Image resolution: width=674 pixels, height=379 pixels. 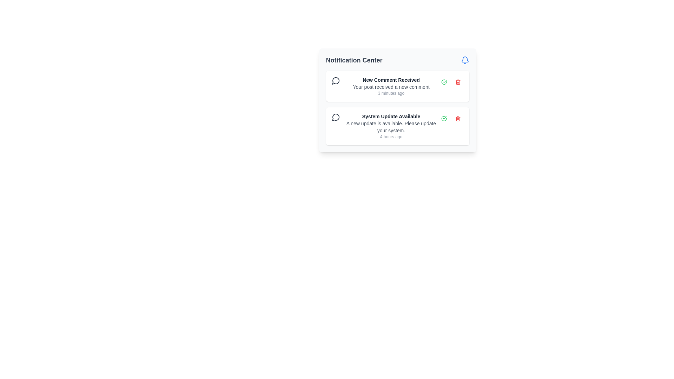 What do you see at coordinates (458, 82) in the screenshot?
I see `the red trash bin icon located in the second position of the interactive controls section of the 'New Comment Received' notification` at bounding box center [458, 82].